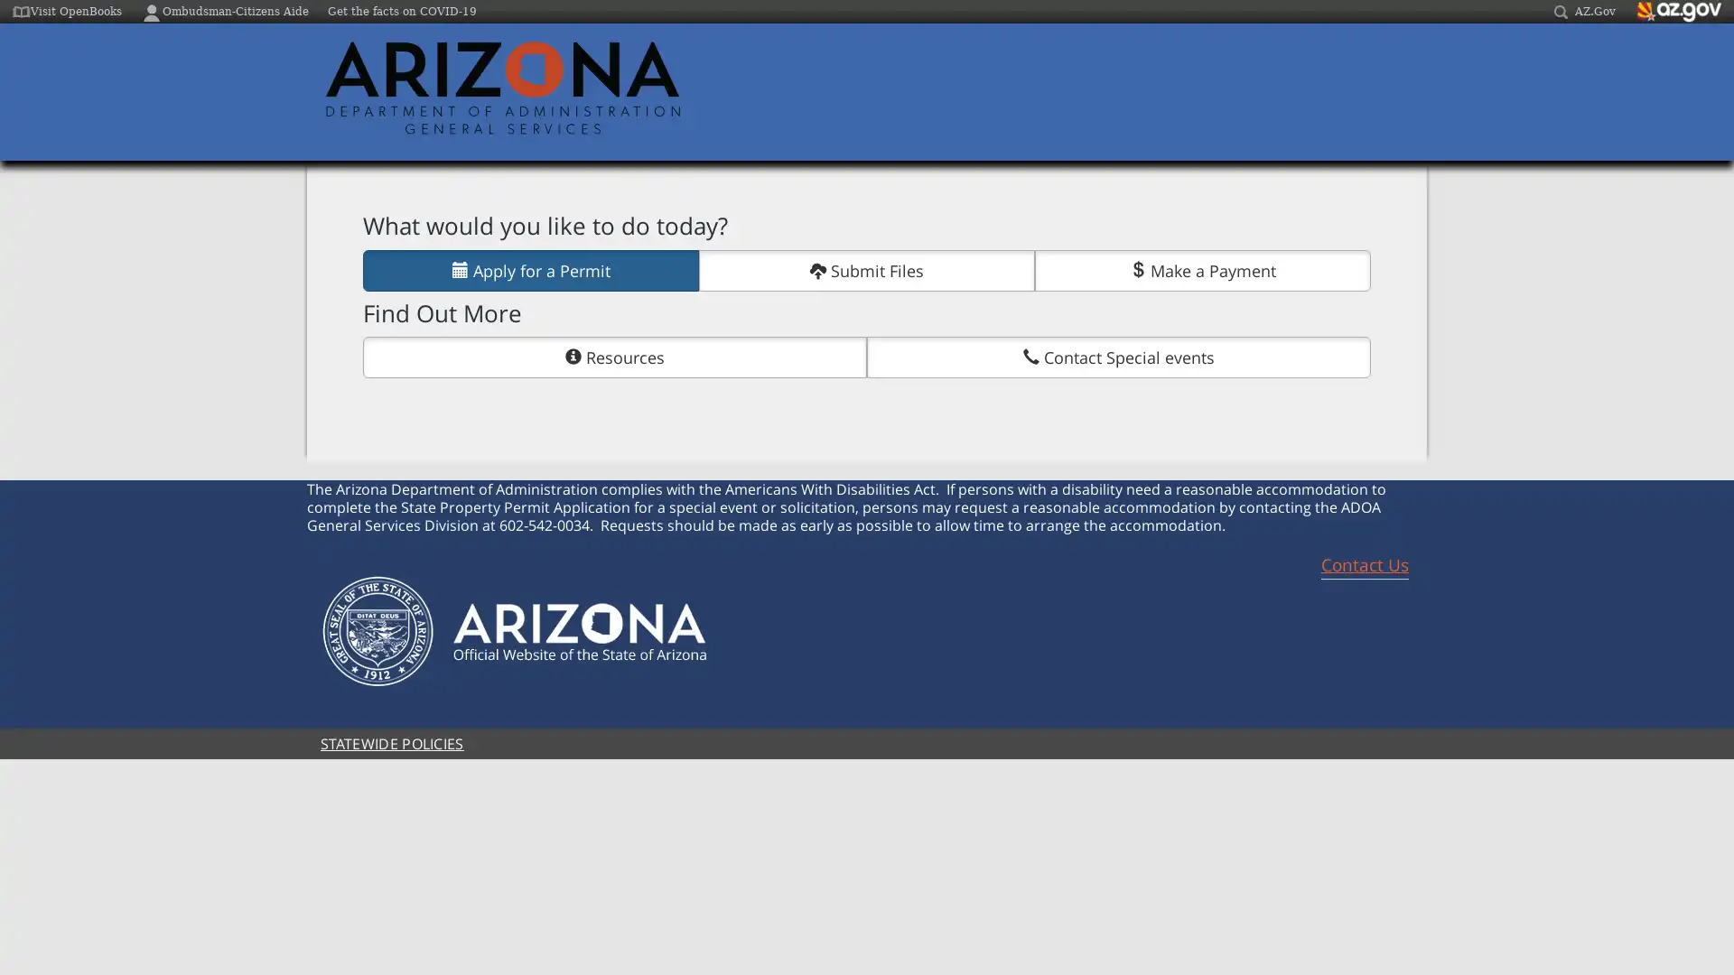  Describe the element at coordinates (1203, 270) in the screenshot. I see `Make a Payment` at that location.